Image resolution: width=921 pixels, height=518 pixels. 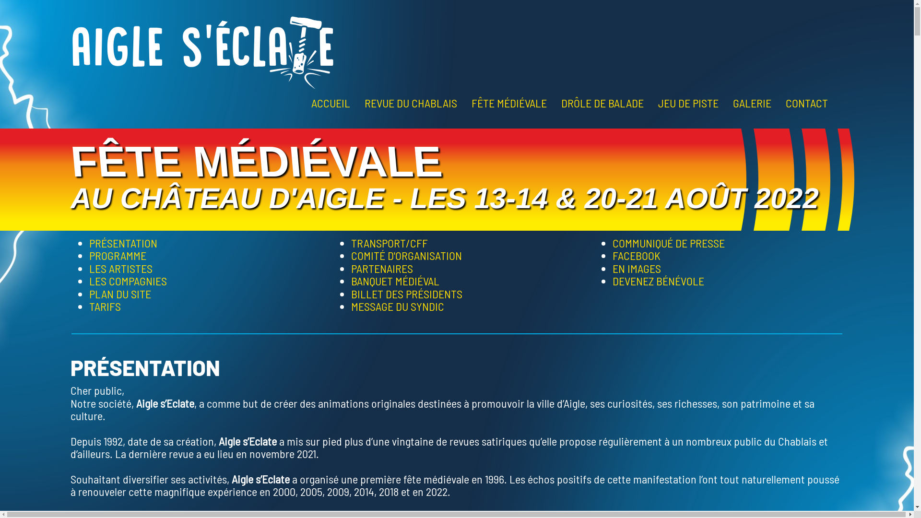 What do you see at coordinates (636, 255) in the screenshot?
I see `'FACEBOOK'` at bounding box center [636, 255].